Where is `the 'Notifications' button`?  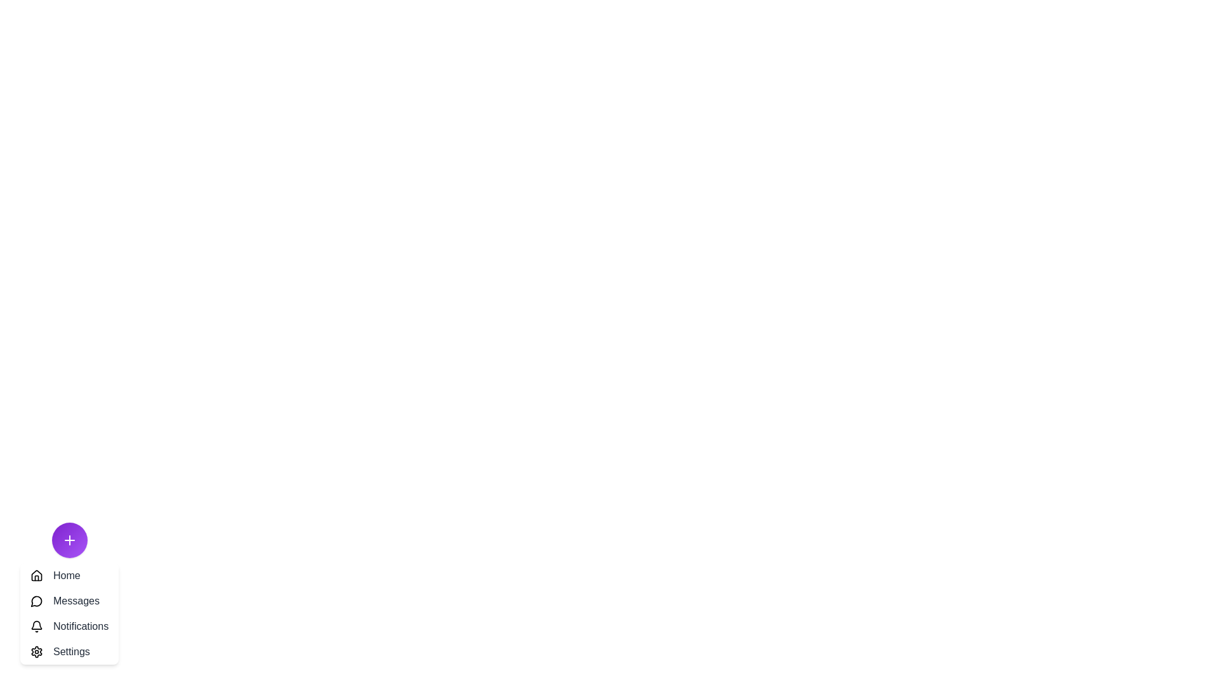 the 'Notifications' button is located at coordinates (69, 625).